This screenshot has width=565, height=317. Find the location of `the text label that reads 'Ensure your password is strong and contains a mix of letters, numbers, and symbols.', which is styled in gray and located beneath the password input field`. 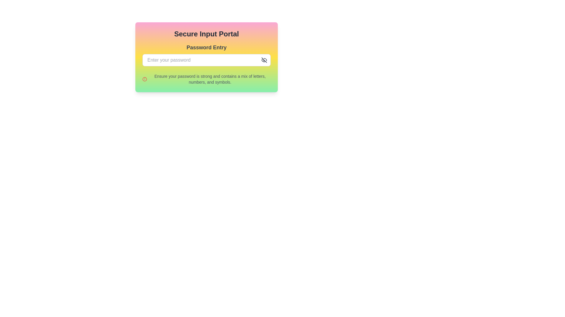

the text label that reads 'Ensure your password is strong and contains a mix of letters, numbers, and symbols.', which is styled in gray and located beneath the password input field is located at coordinates (210, 79).